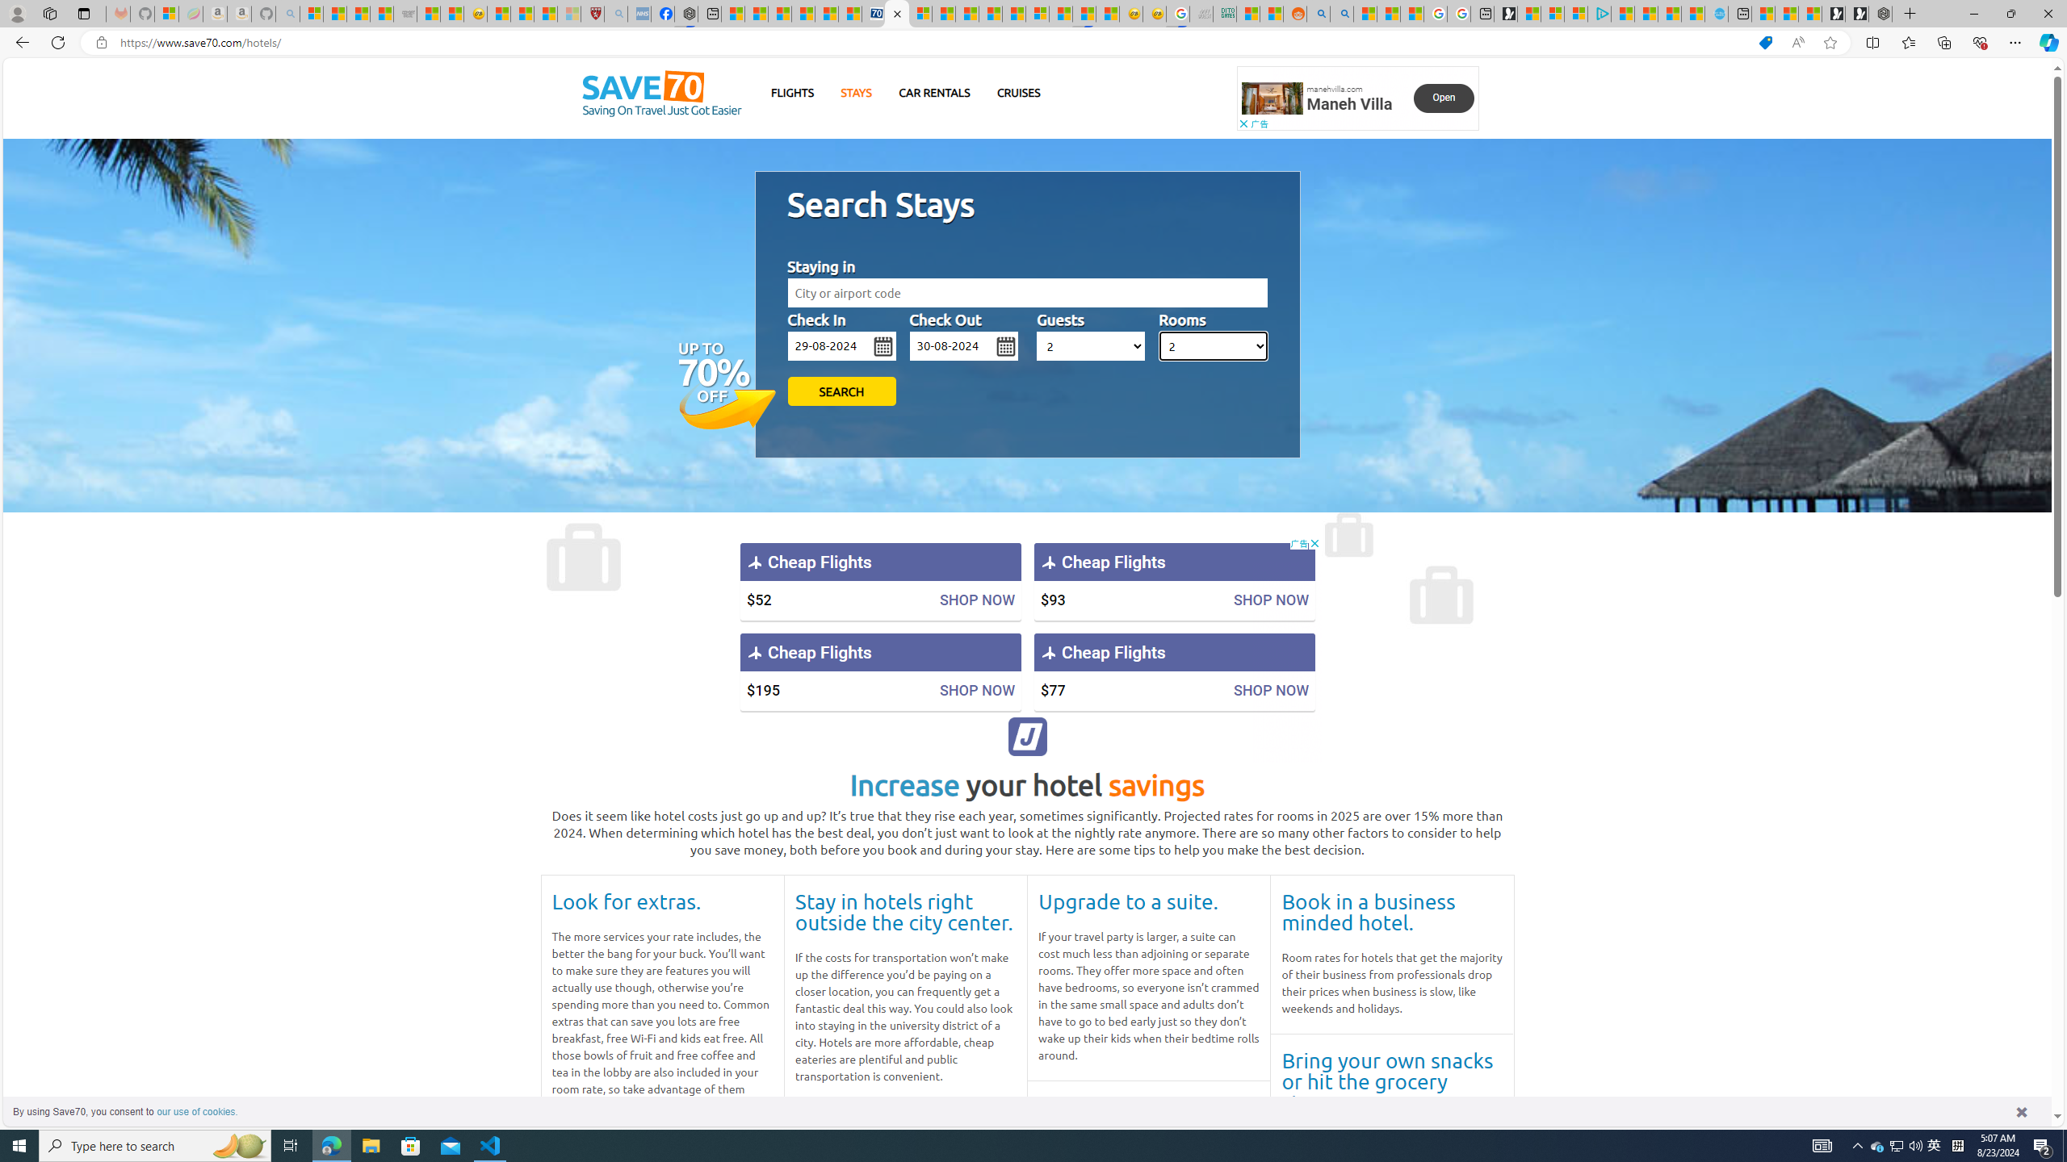 This screenshot has height=1162, width=2067. I want to click on 'SEARCH', so click(842, 390).